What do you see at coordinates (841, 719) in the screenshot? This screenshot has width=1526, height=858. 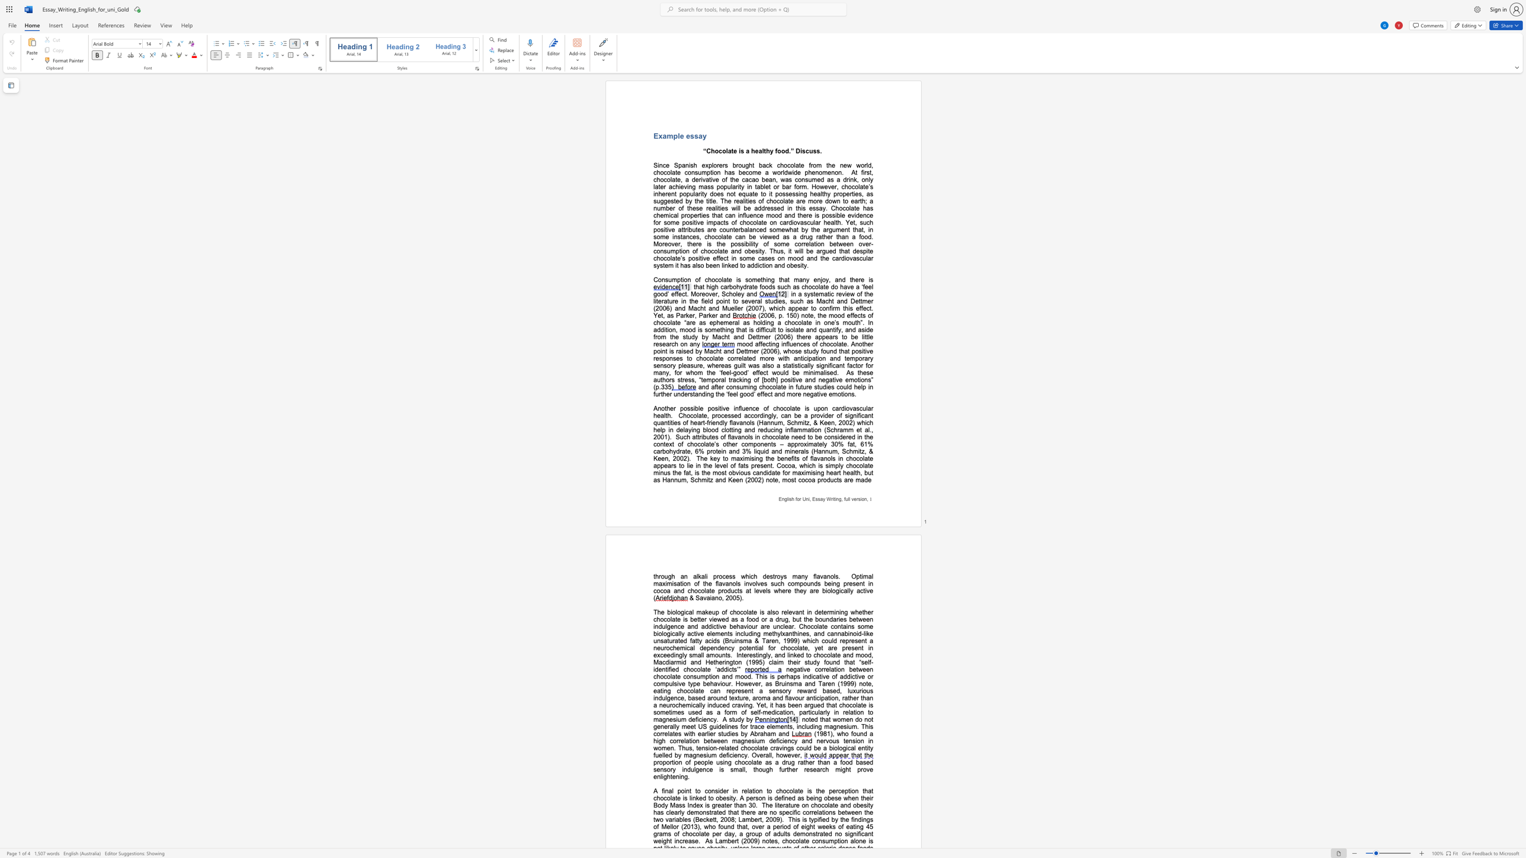 I see `the subset text "men" within the text "noted that women do not"` at bounding box center [841, 719].